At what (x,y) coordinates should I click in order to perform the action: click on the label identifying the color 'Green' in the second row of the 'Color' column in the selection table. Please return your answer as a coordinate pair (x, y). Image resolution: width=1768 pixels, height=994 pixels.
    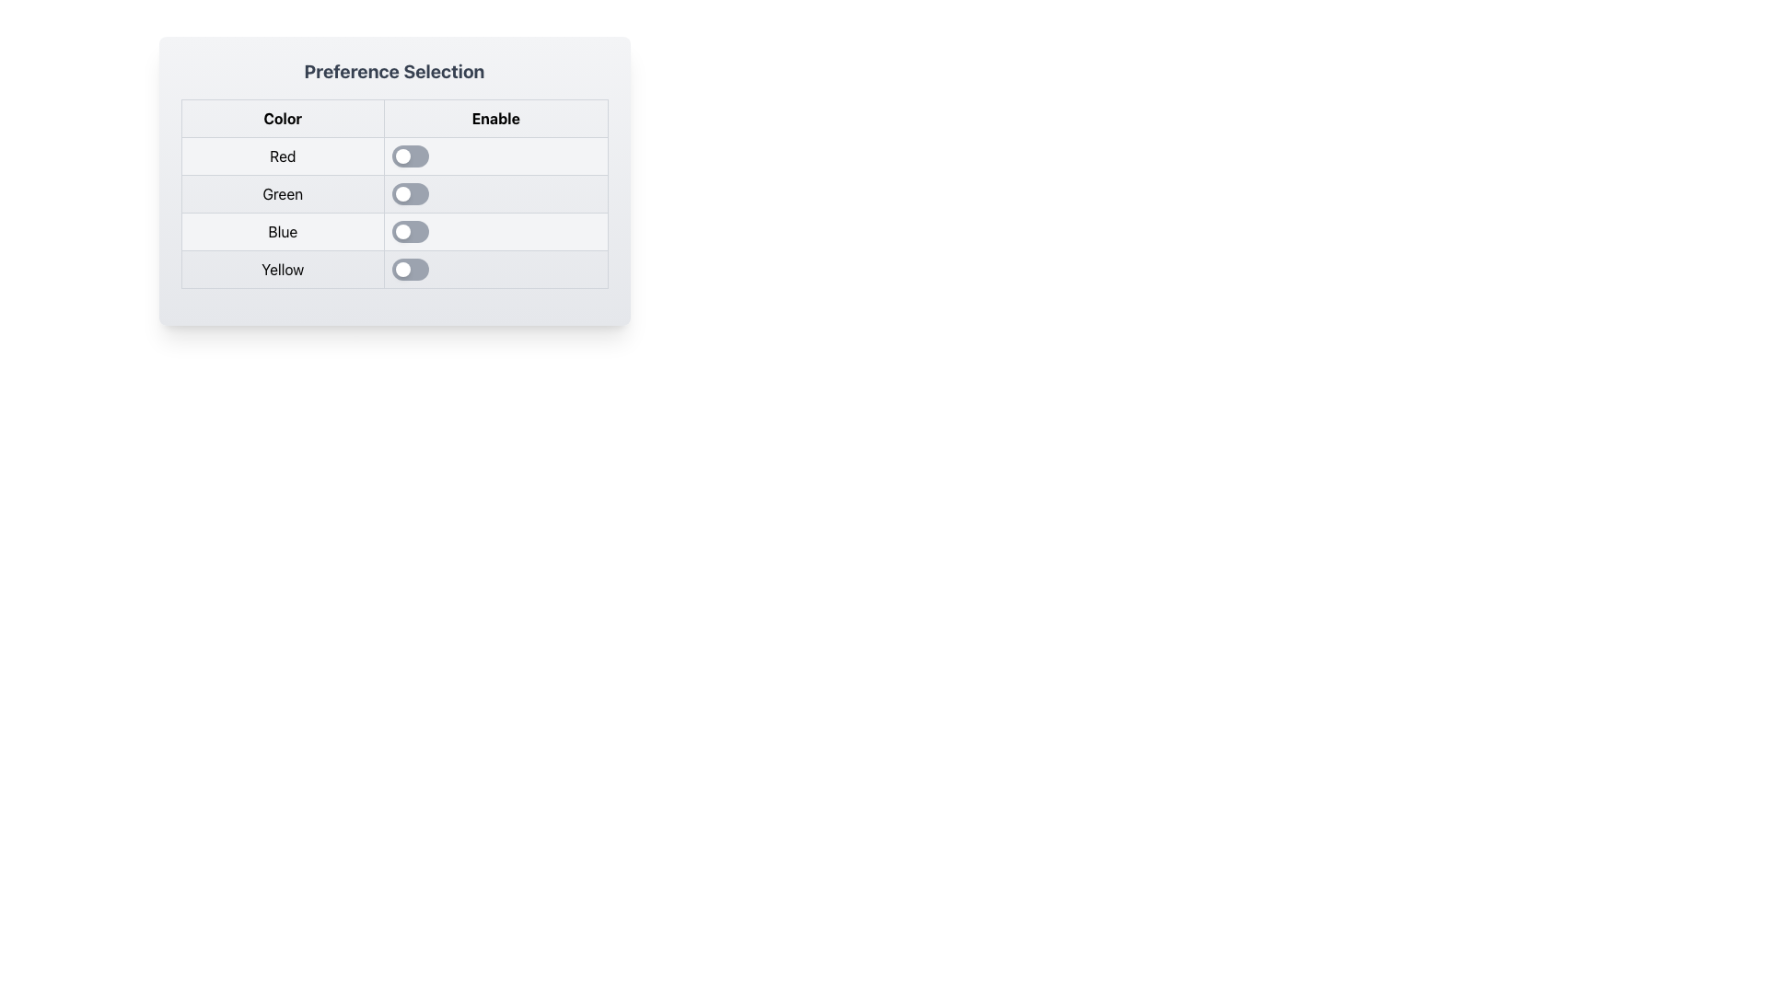
    Looking at the image, I should click on (282, 194).